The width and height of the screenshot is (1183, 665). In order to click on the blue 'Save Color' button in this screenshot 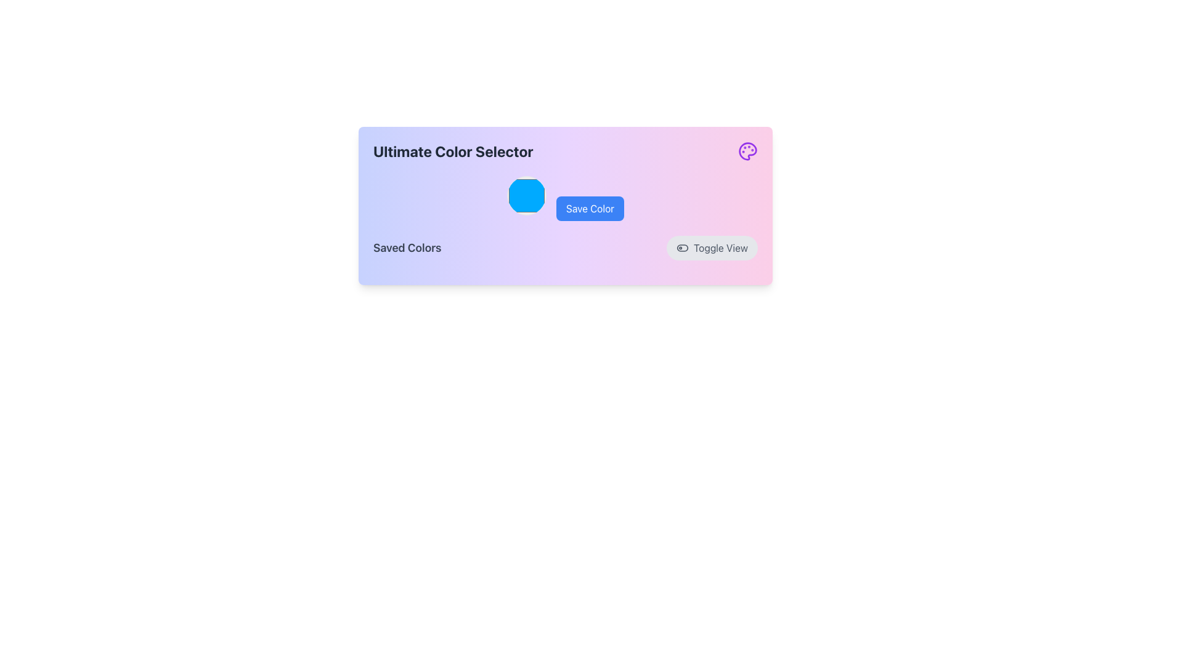, I will do `click(564, 198)`.